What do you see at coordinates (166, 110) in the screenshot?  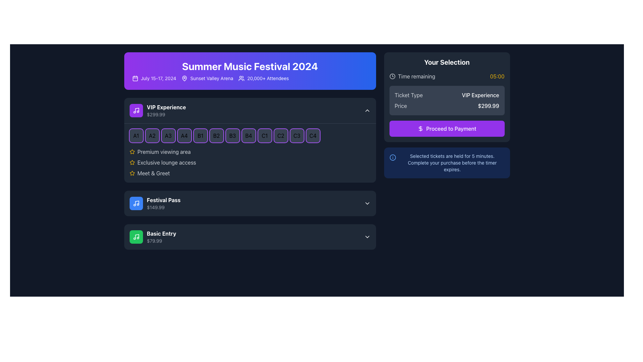 I see `text displayed in the text area that shows 'VIP Experience' and the price '$299.99', located below the purple icon with a white musical note` at bounding box center [166, 110].